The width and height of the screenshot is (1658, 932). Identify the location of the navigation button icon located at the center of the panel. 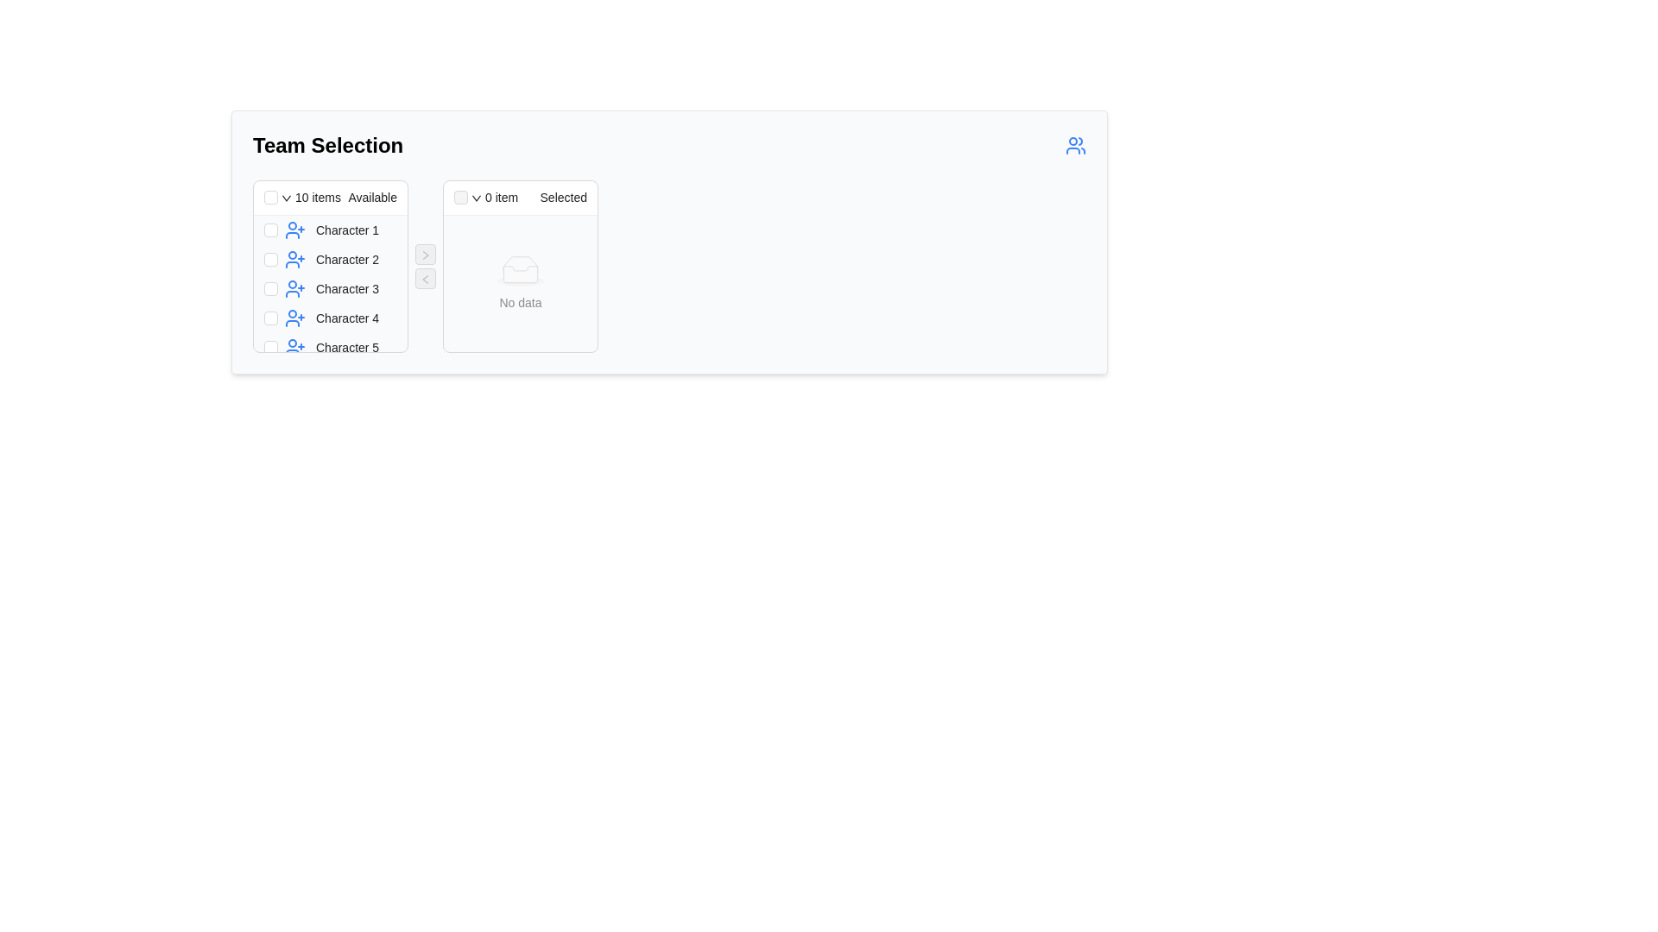
(426, 278).